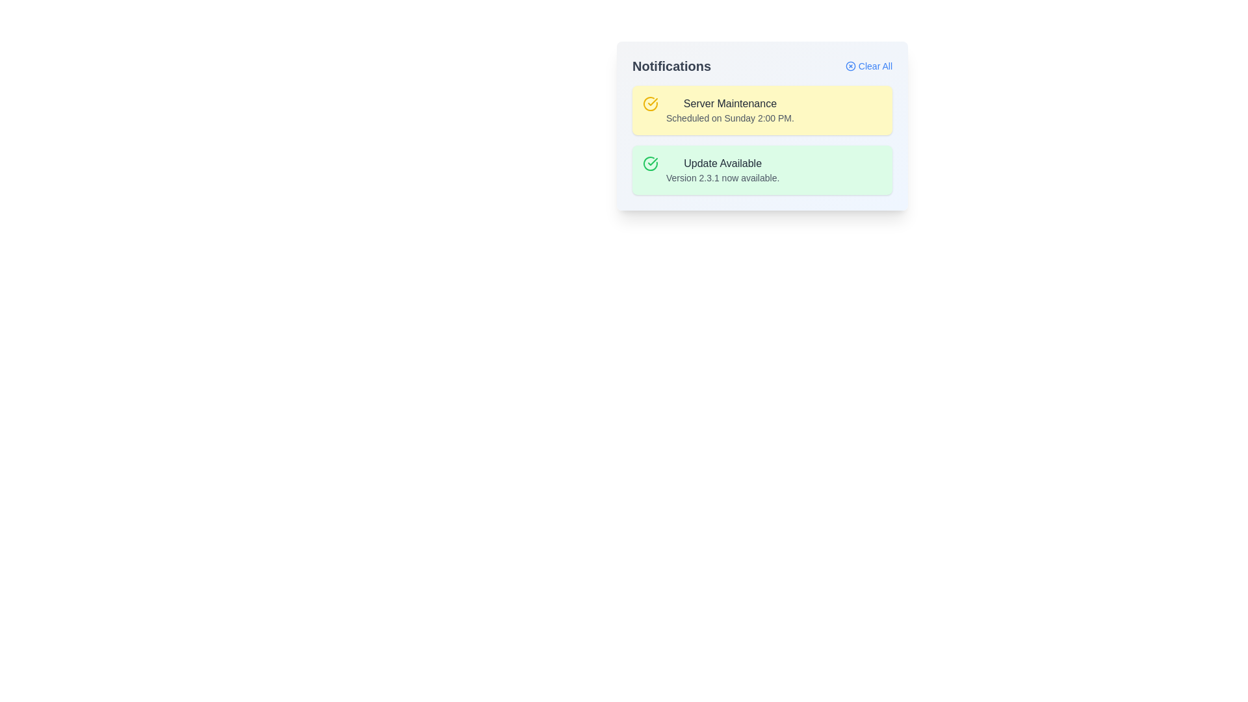 The width and height of the screenshot is (1248, 702). What do you see at coordinates (762, 109) in the screenshot?
I see `the first notification card about scheduled server maintenance, which is positioned at the top of the notification list` at bounding box center [762, 109].